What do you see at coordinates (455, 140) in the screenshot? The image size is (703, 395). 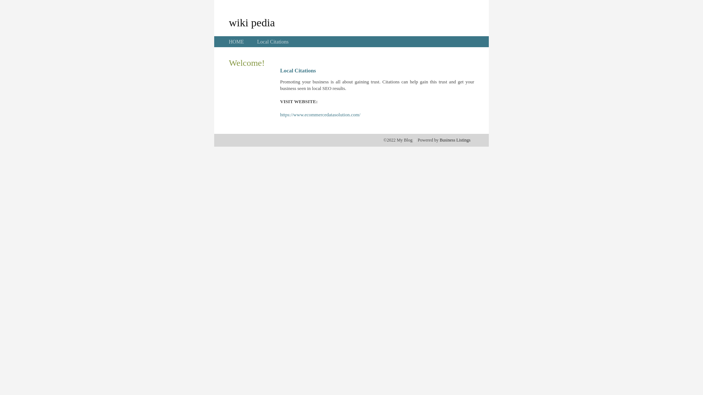 I see `'Business Listings'` at bounding box center [455, 140].